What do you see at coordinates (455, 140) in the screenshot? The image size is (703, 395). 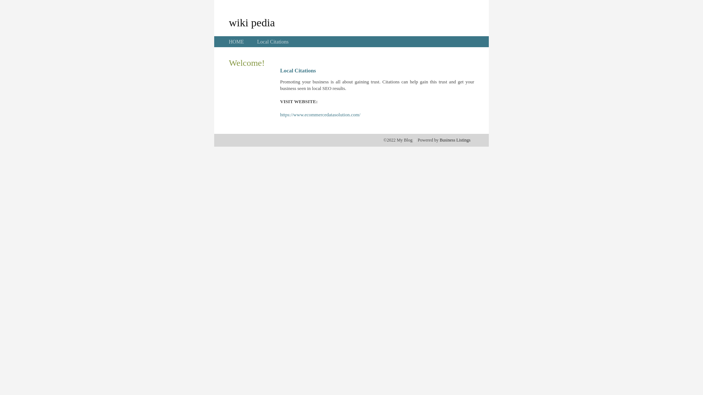 I see `'Business Listings'` at bounding box center [455, 140].